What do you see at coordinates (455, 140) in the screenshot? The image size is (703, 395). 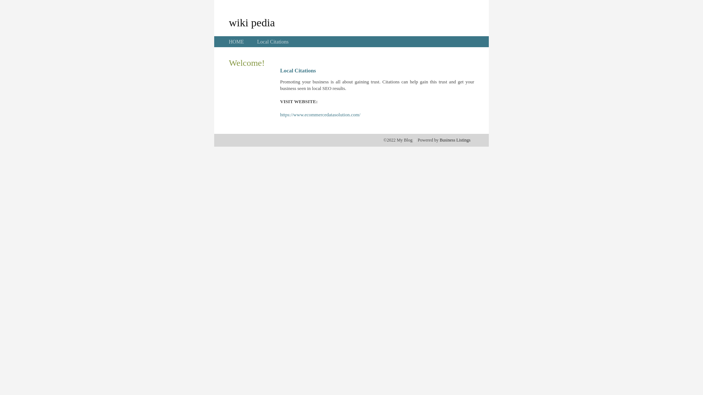 I see `'Business Listings'` at bounding box center [455, 140].